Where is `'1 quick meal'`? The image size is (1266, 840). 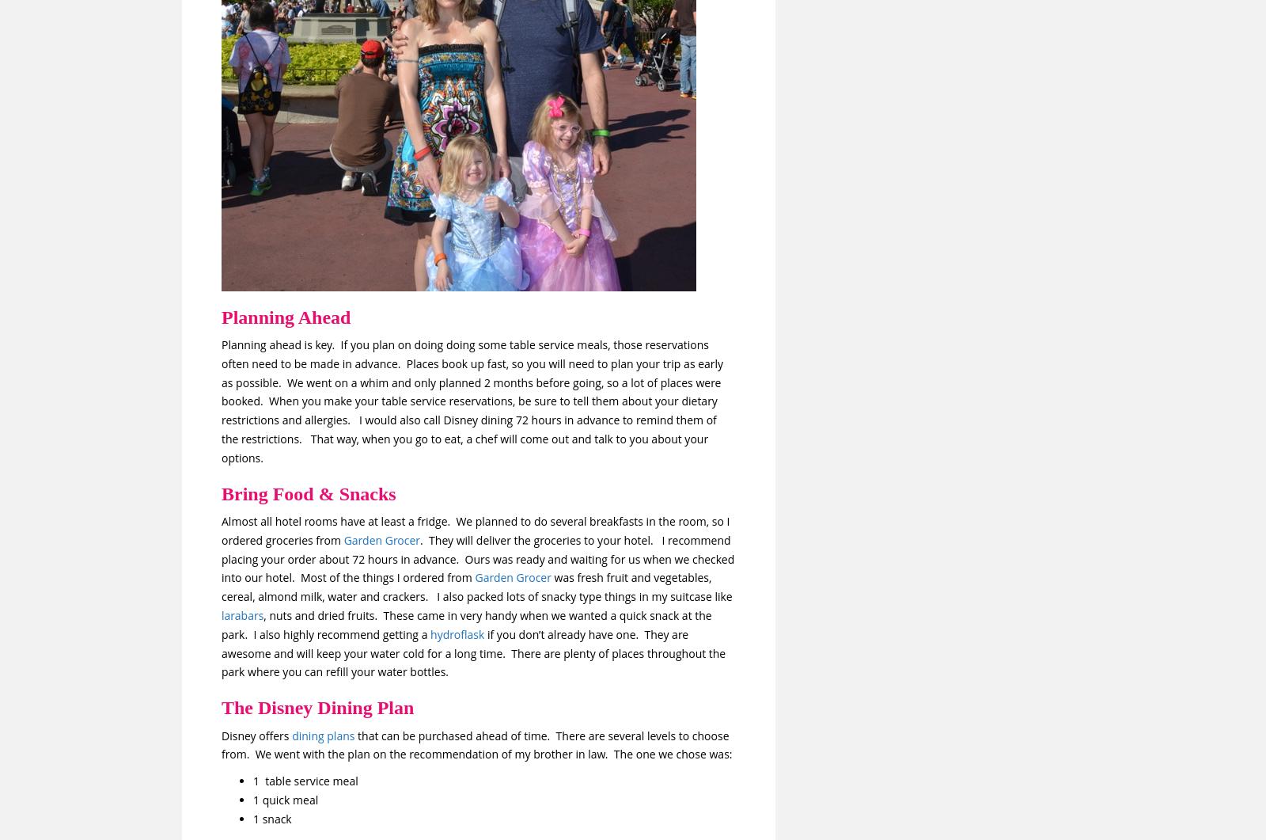 '1 quick meal' is located at coordinates (253, 798).